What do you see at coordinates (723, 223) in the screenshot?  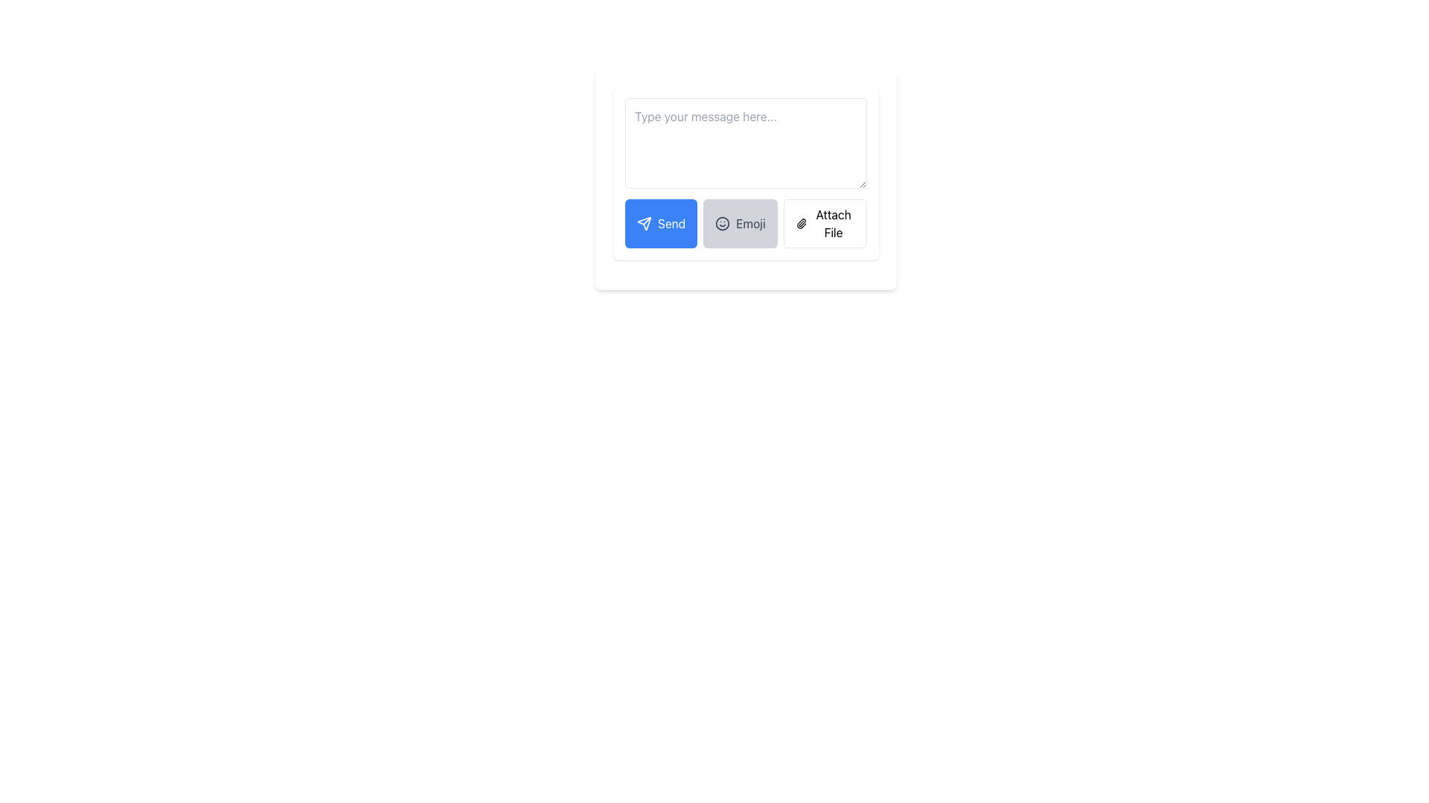 I see `the gray circular SVG Circle Element that is part of a smiley face icon located to the left of the 'Emoji' button in the toolbar area below the text input field` at bounding box center [723, 223].